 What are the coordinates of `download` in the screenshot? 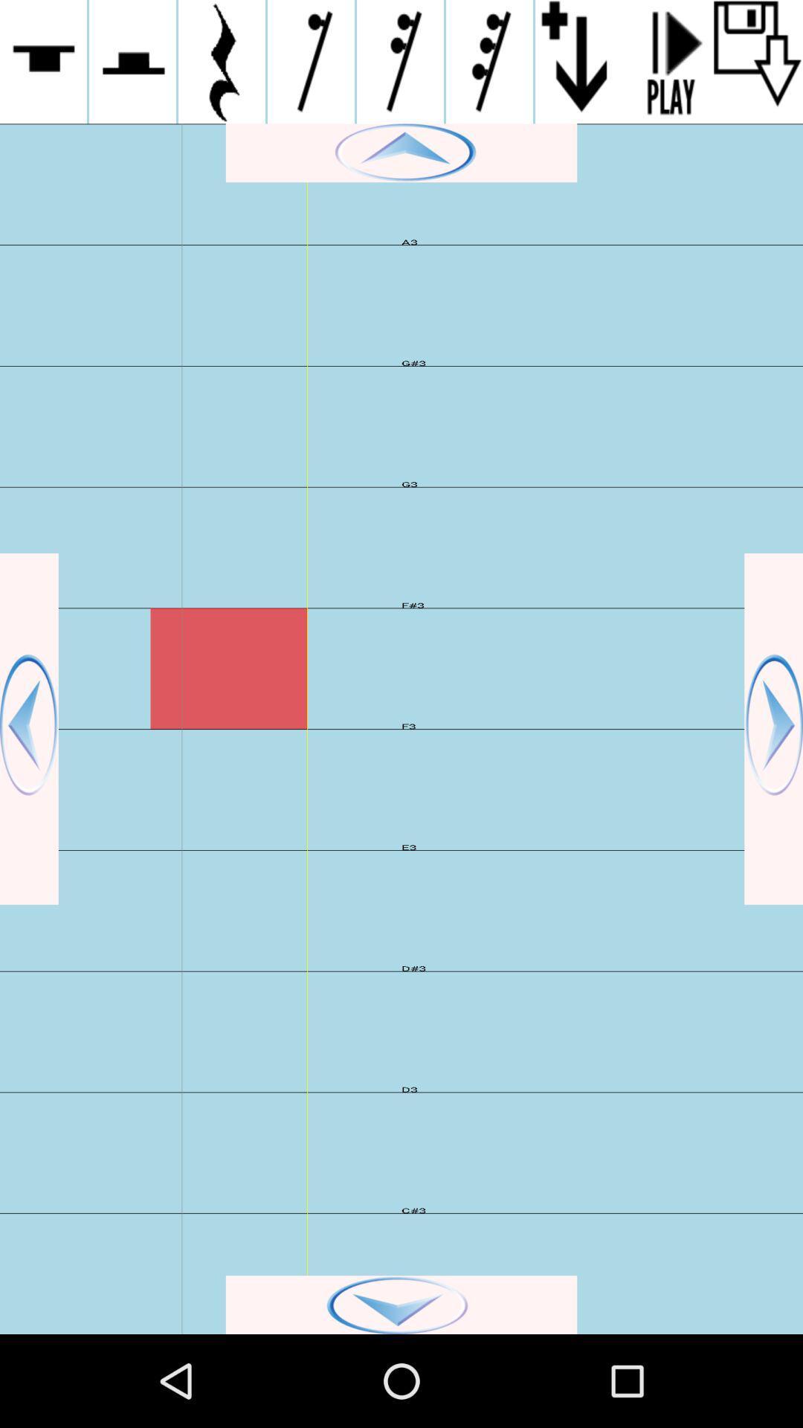 It's located at (758, 61).